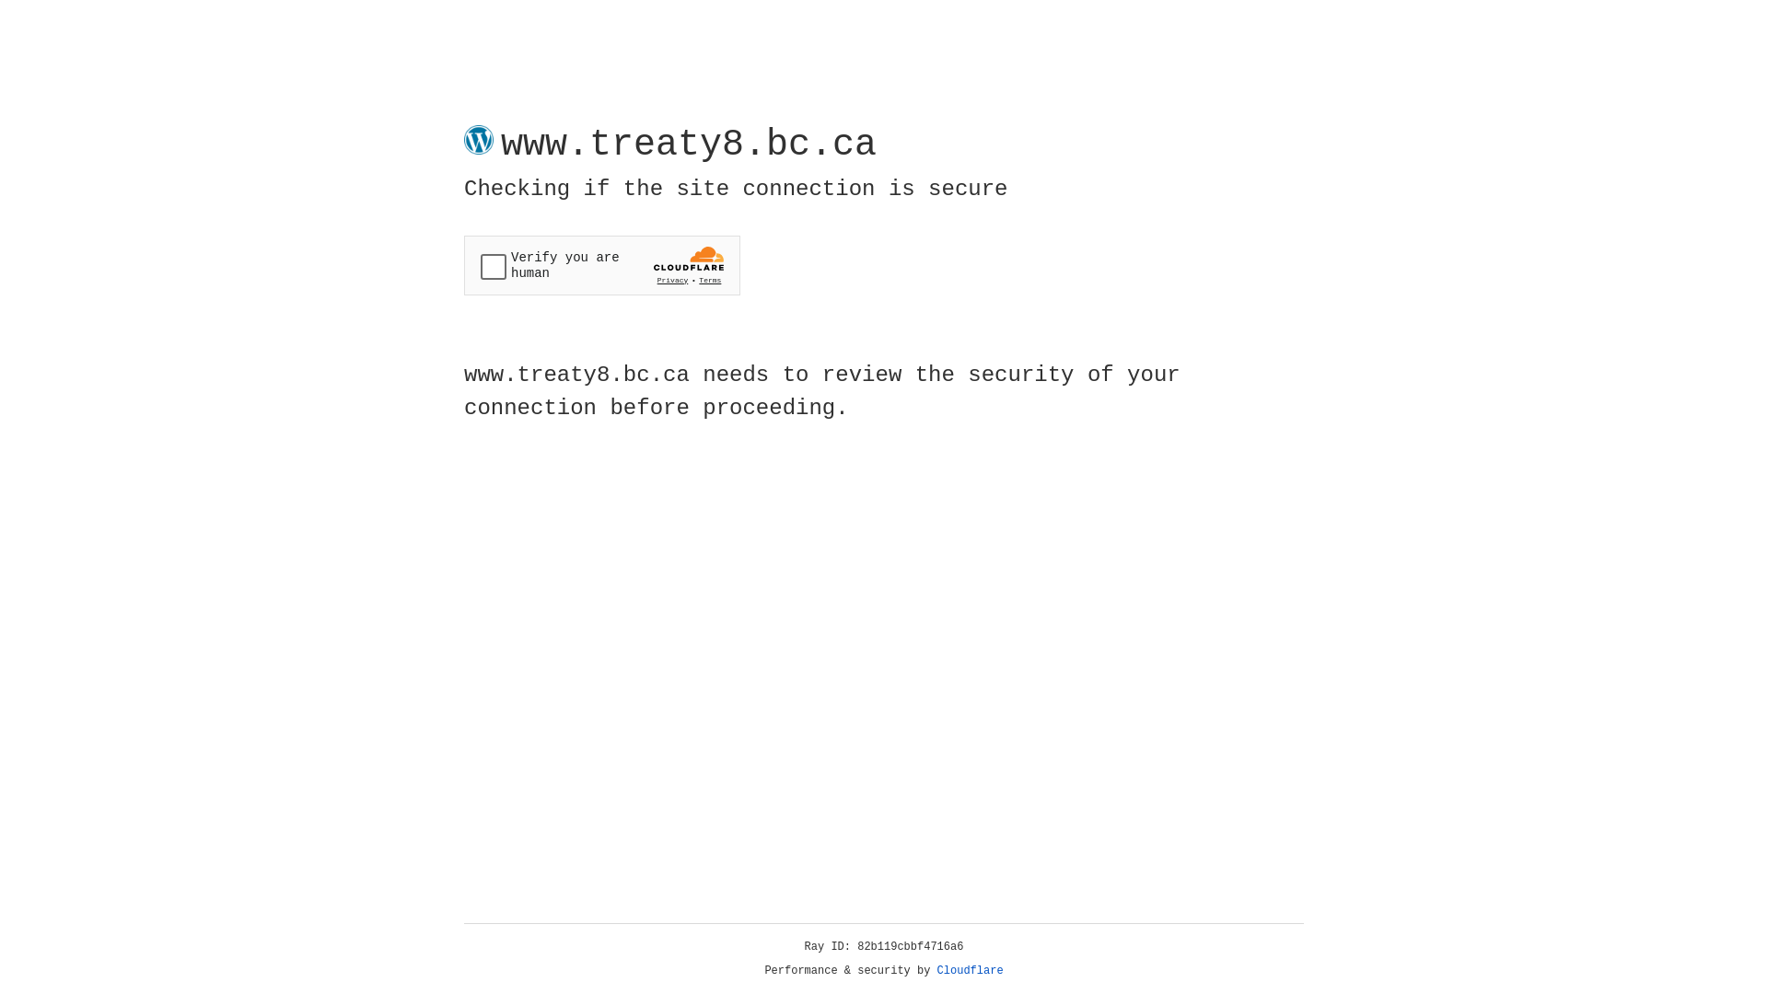  What do you see at coordinates (601, 265) in the screenshot?
I see `'Widget containing a Cloudflare security challenge'` at bounding box center [601, 265].